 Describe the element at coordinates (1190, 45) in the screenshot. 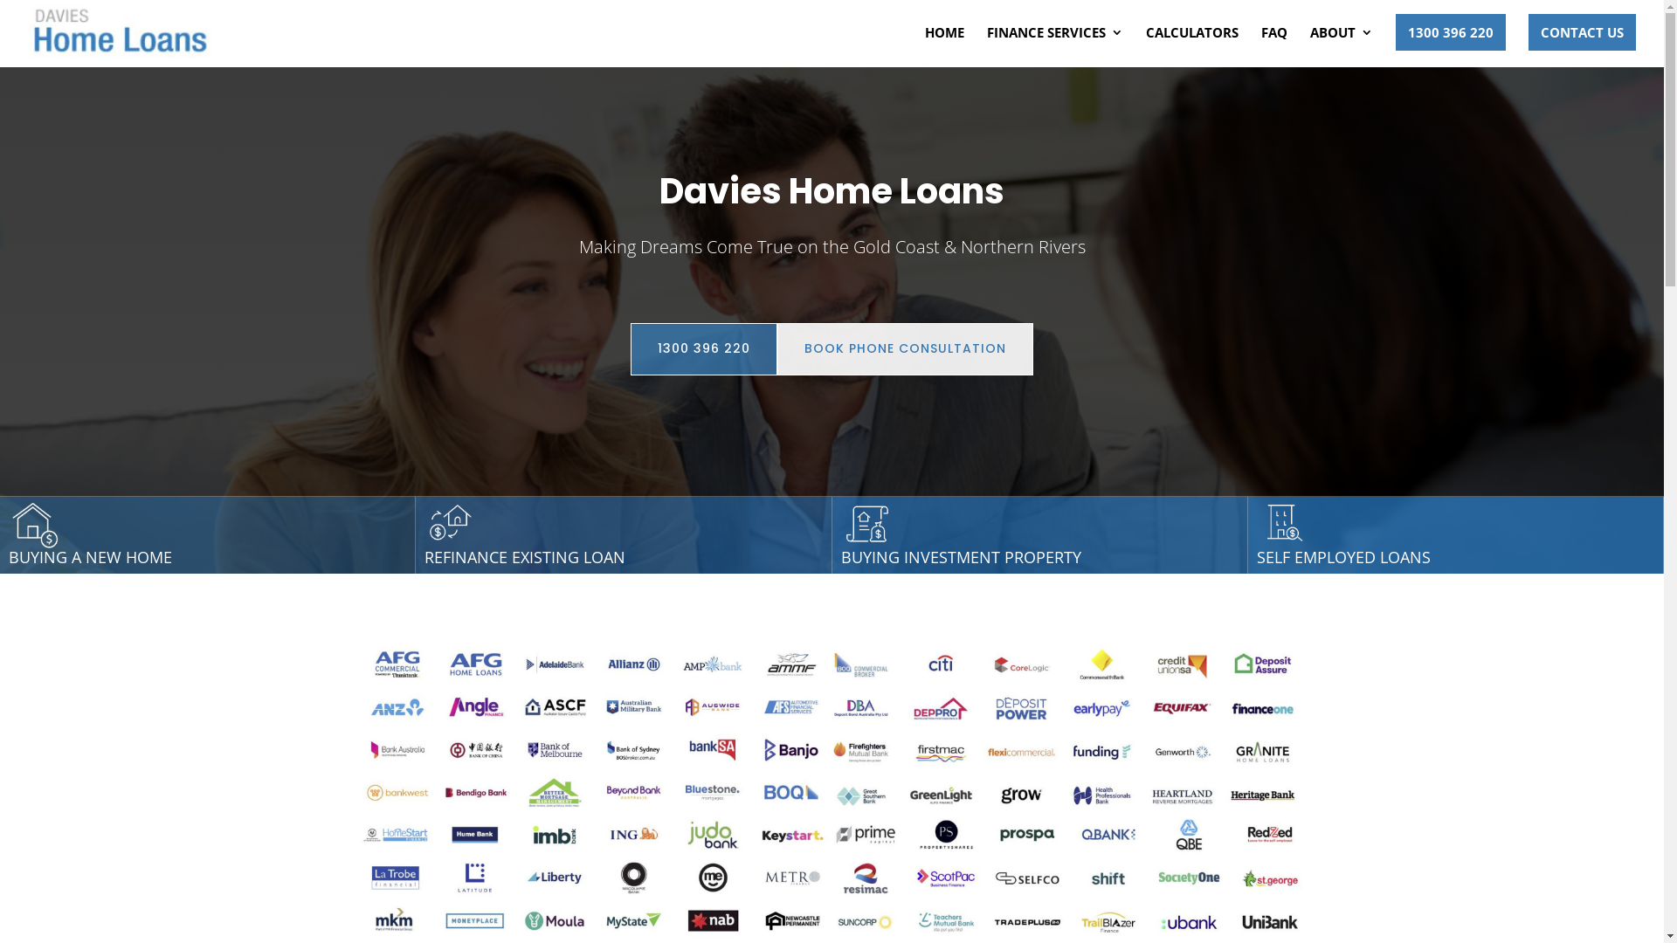

I see `'CALCULATORS'` at that location.